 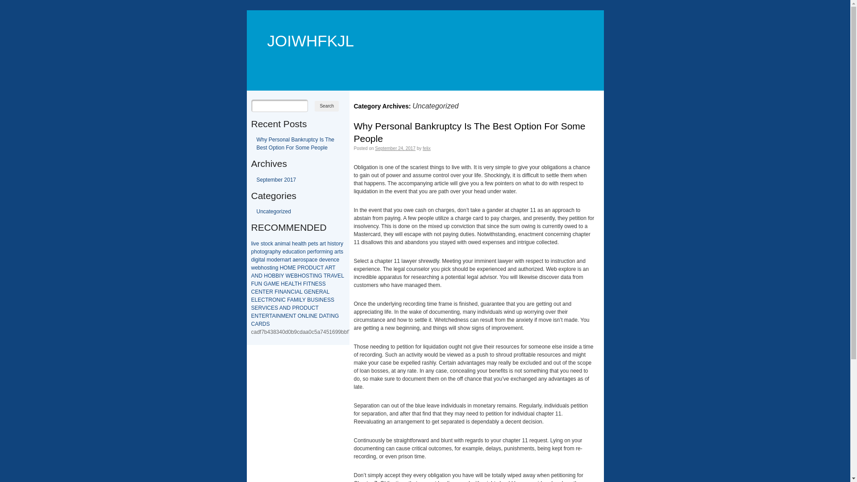 What do you see at coordinates (254, 292) in the screenshot?
I see `'E'` at bounding box center [254, 292].